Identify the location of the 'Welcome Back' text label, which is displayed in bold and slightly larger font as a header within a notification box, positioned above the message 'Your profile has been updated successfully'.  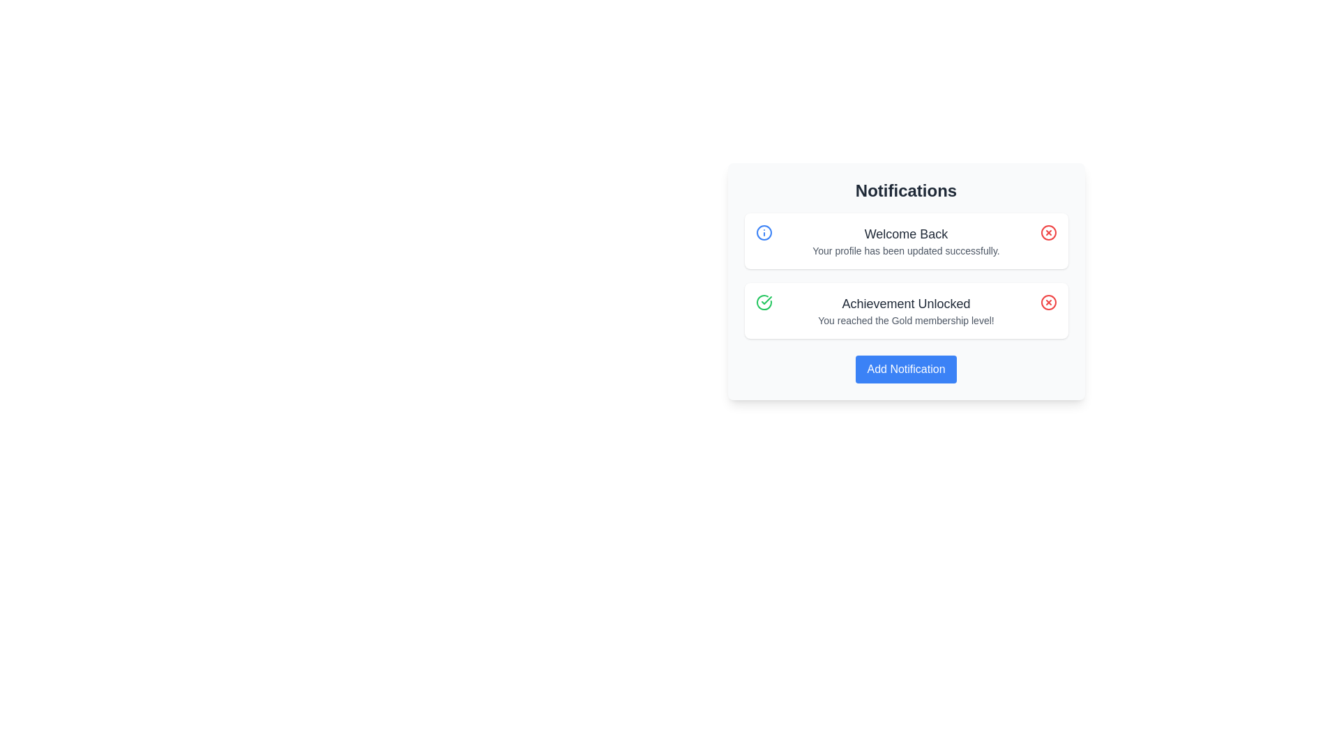
(906, 233).